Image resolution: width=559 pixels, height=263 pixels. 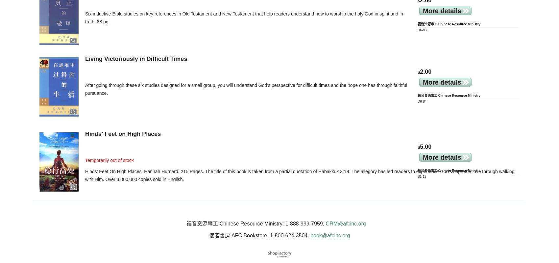 I want to click on 'D6-83', so click(x=422, y=30).